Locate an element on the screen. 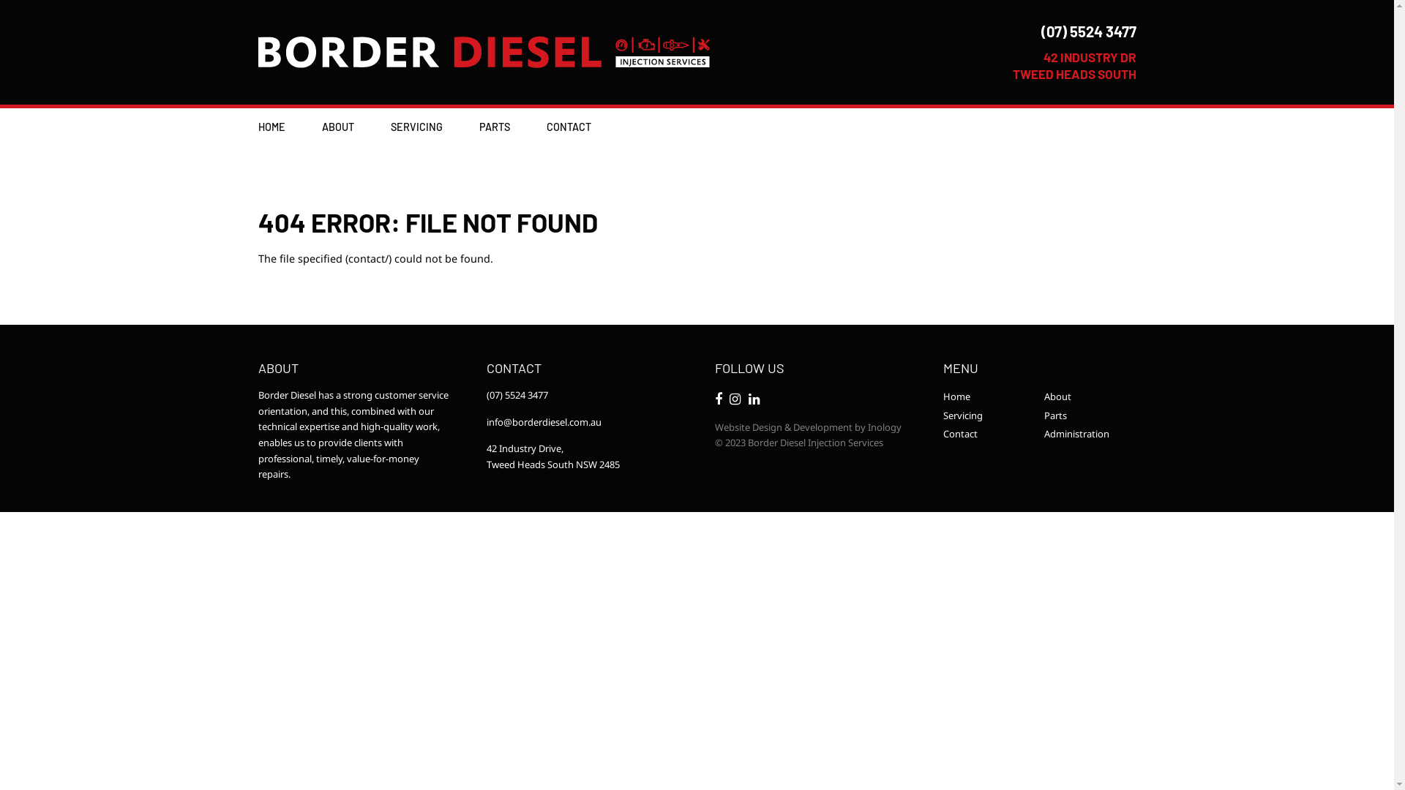 Image resolution: width=1405 pixels, height=790 pixels. 'PARTS' is located at coordinates (478, 126).